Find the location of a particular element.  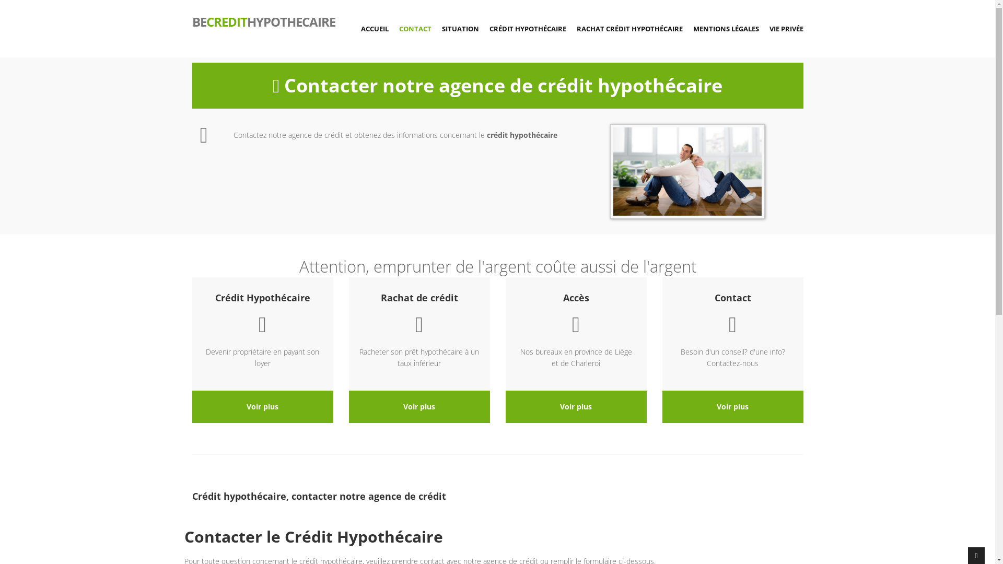

'BECREDITHYPOTHECAIRE' is located at coordinates (259, 20).